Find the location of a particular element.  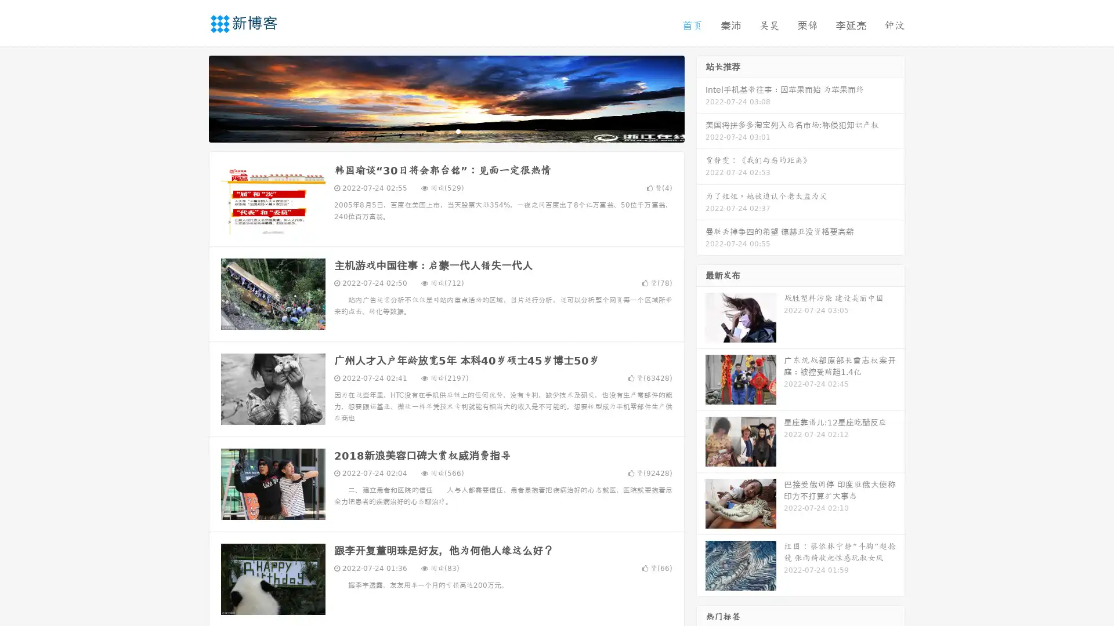

Go to slide 2 is located at coordinates (446, 130).